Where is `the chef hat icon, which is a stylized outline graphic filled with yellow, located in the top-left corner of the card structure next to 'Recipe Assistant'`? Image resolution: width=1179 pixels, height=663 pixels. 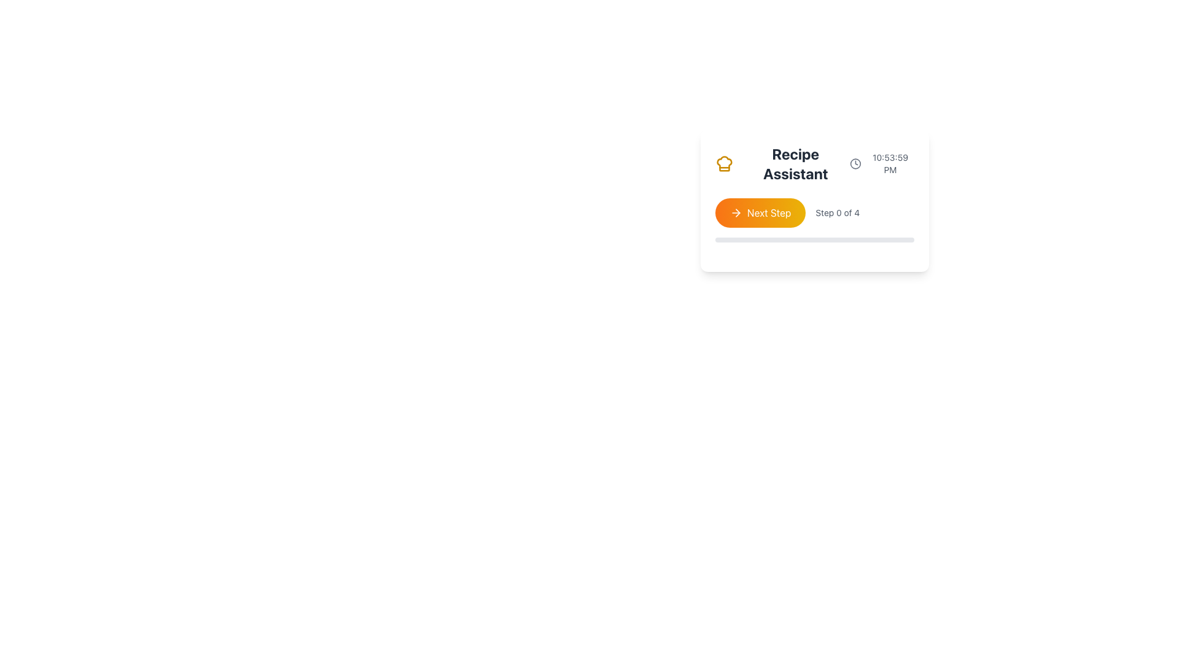 the chef hat icon, which is a stylized outline graphic filled with yellow, located in the top-left corner of the card structure next to 'Recipe Assistant' is located at coordinates (725, 163).